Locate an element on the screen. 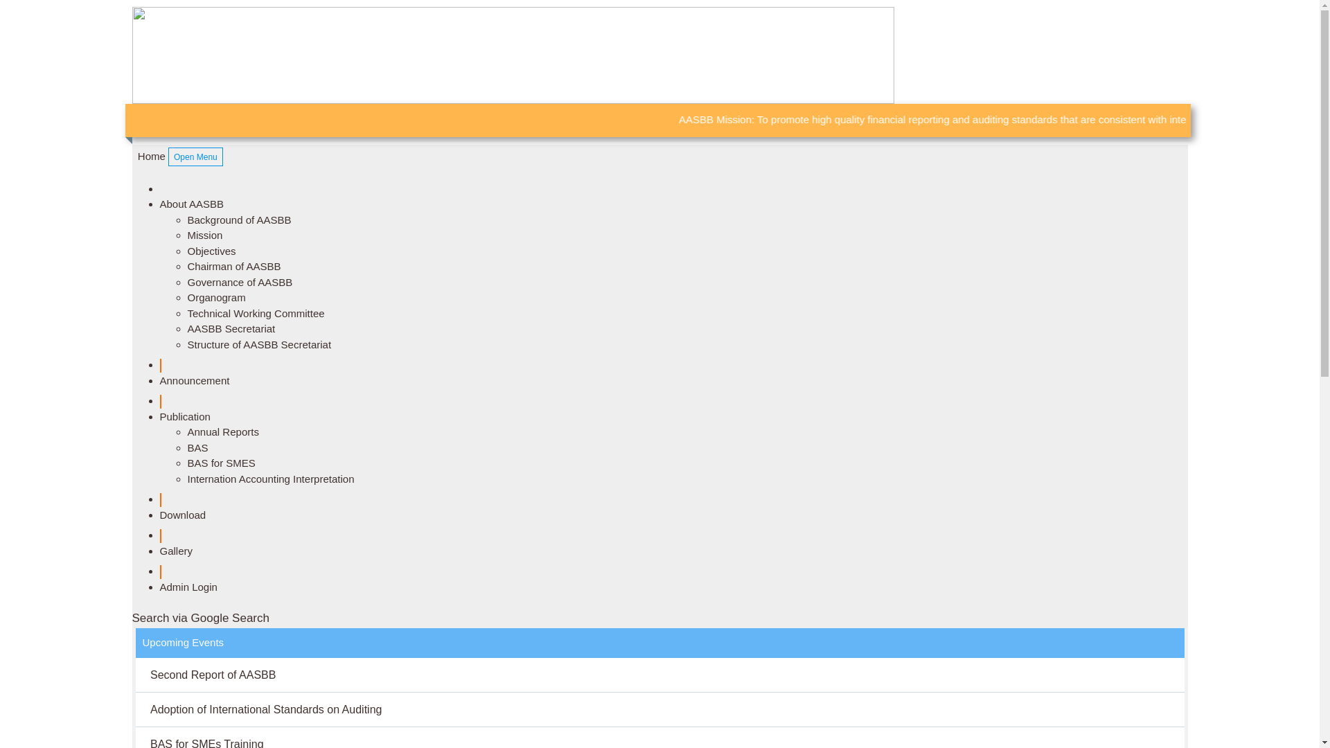 Image resolution: width=1330 pixels, height=748 pixels. 'Technical Working Committee' is located at coordinates (256, 313).